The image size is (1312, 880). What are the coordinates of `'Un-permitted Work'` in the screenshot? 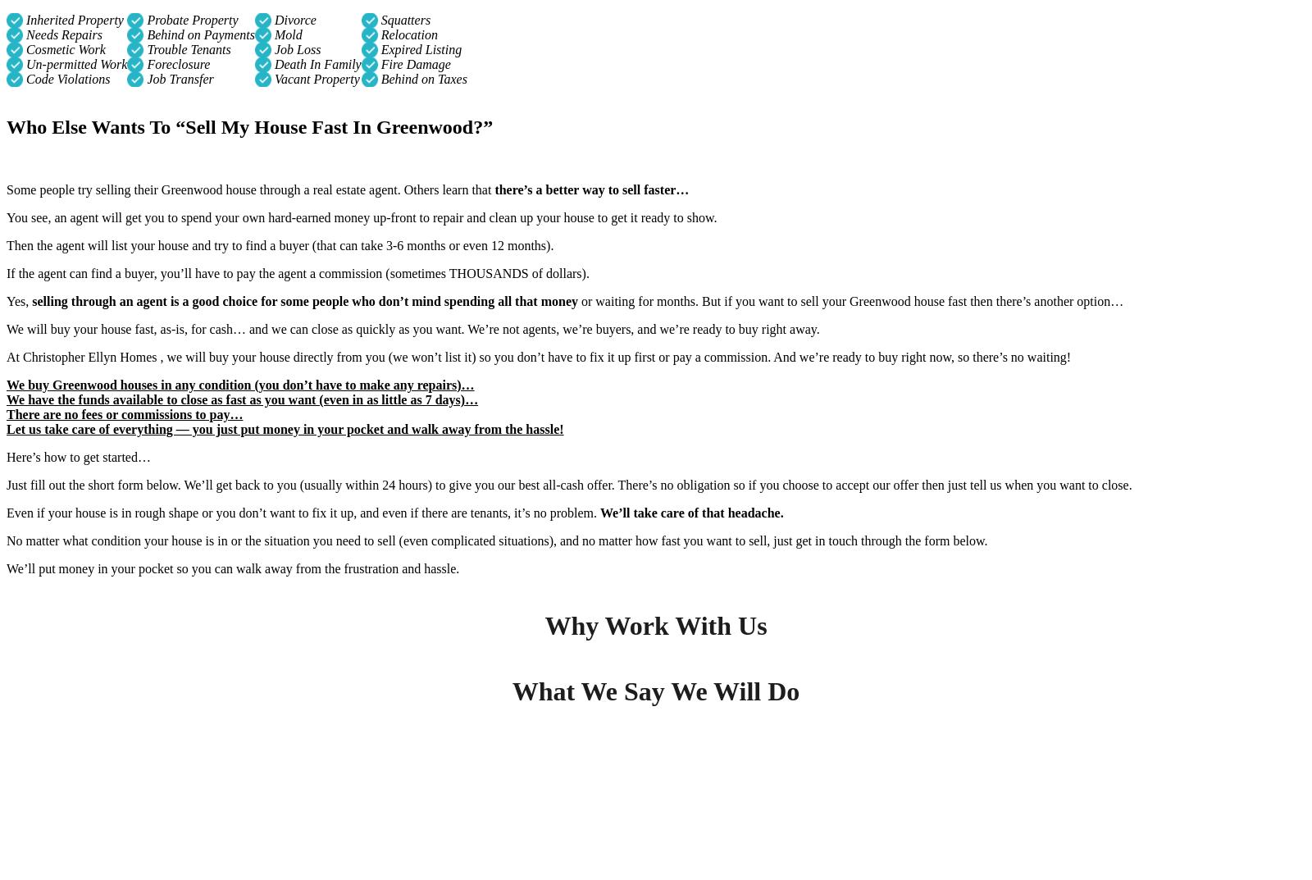 It's located at (75, 64).